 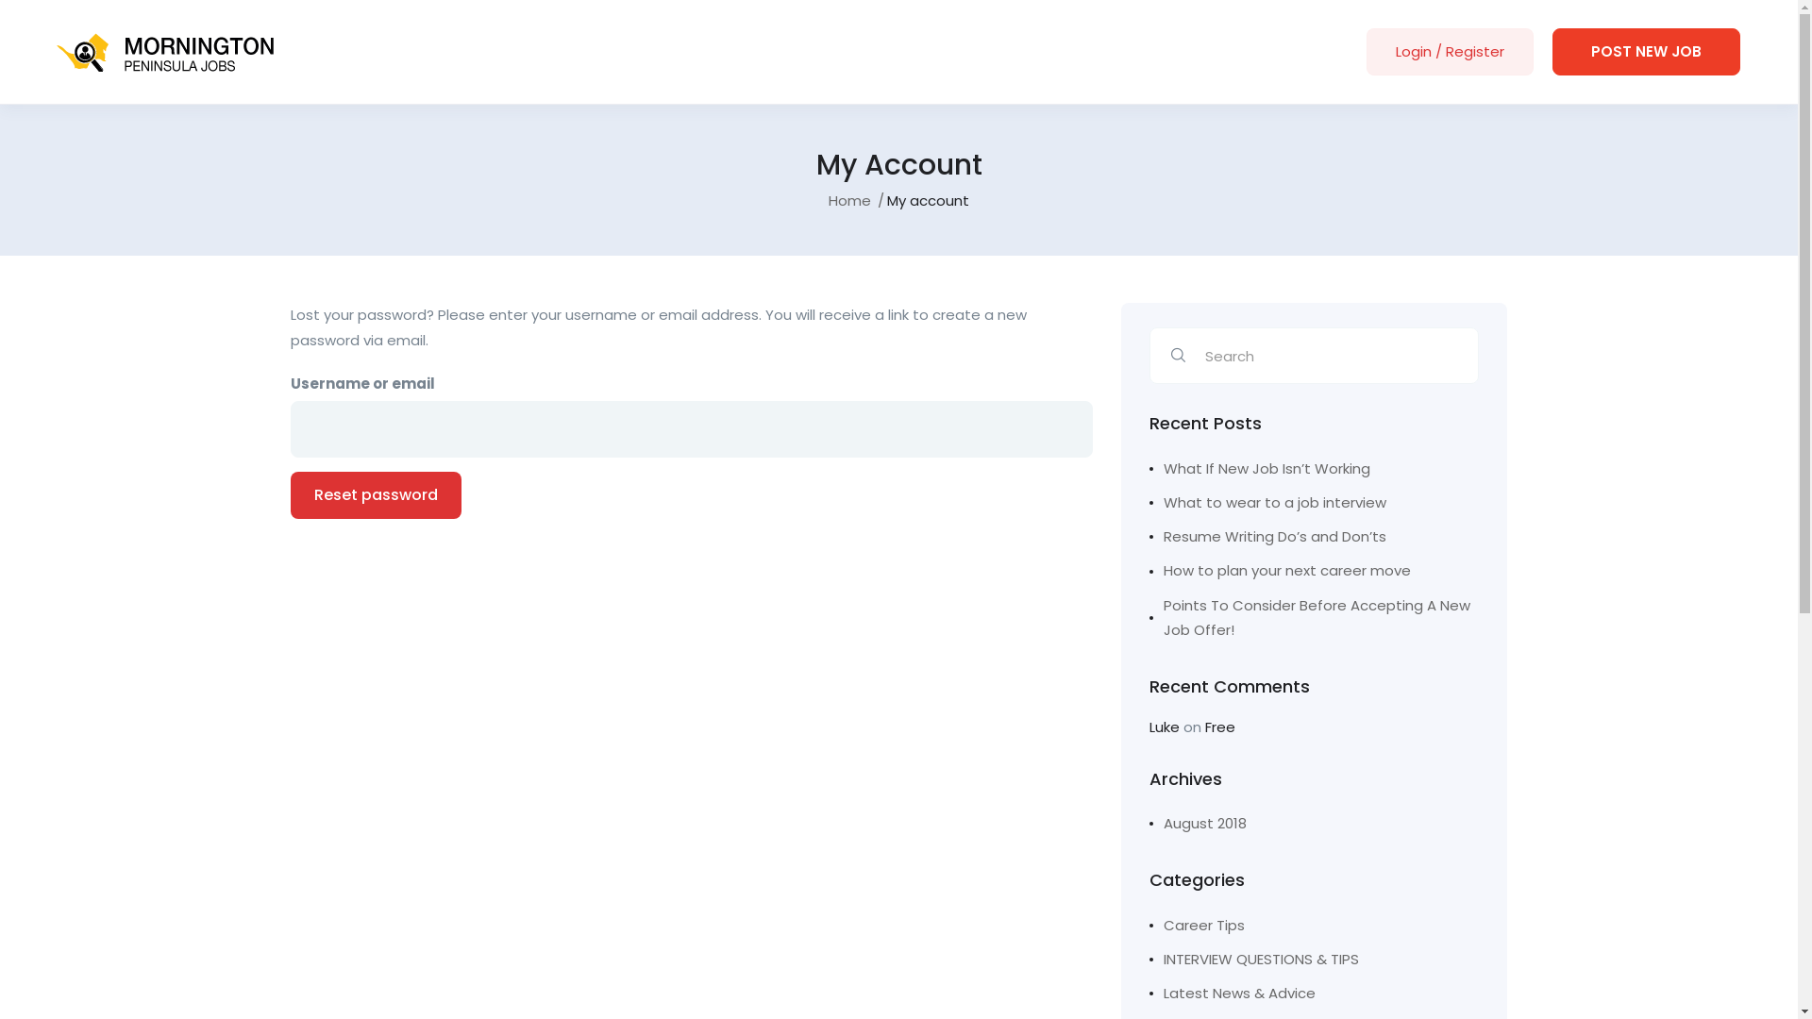 What do you see at coordinates (1254, 960) in the screenshot?
I see `'INTERVIEW QUESTIONS & TIPS'` at bounding box center [1254, 960].